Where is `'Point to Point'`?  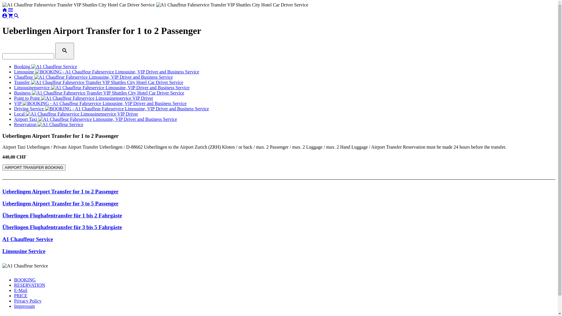
'Point to Point' is located at coordinates (83, 98).